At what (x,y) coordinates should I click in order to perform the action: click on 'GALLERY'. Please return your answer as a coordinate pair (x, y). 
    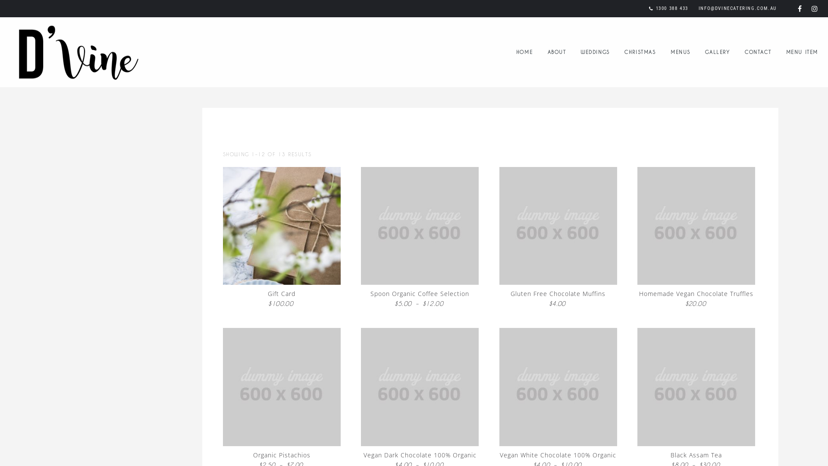
    Looking at the image, I should click on (717, 51).